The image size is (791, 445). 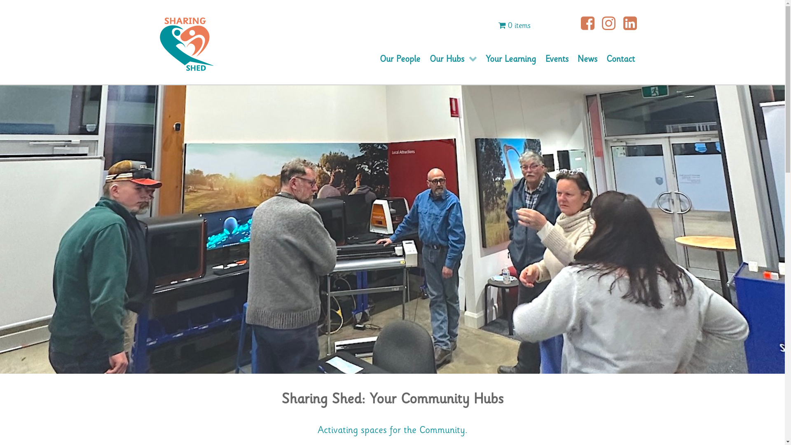 What do you see at coordinates (620, 59) in the screenshot?
I see `'Contact'` at bounding box center [620, 59].